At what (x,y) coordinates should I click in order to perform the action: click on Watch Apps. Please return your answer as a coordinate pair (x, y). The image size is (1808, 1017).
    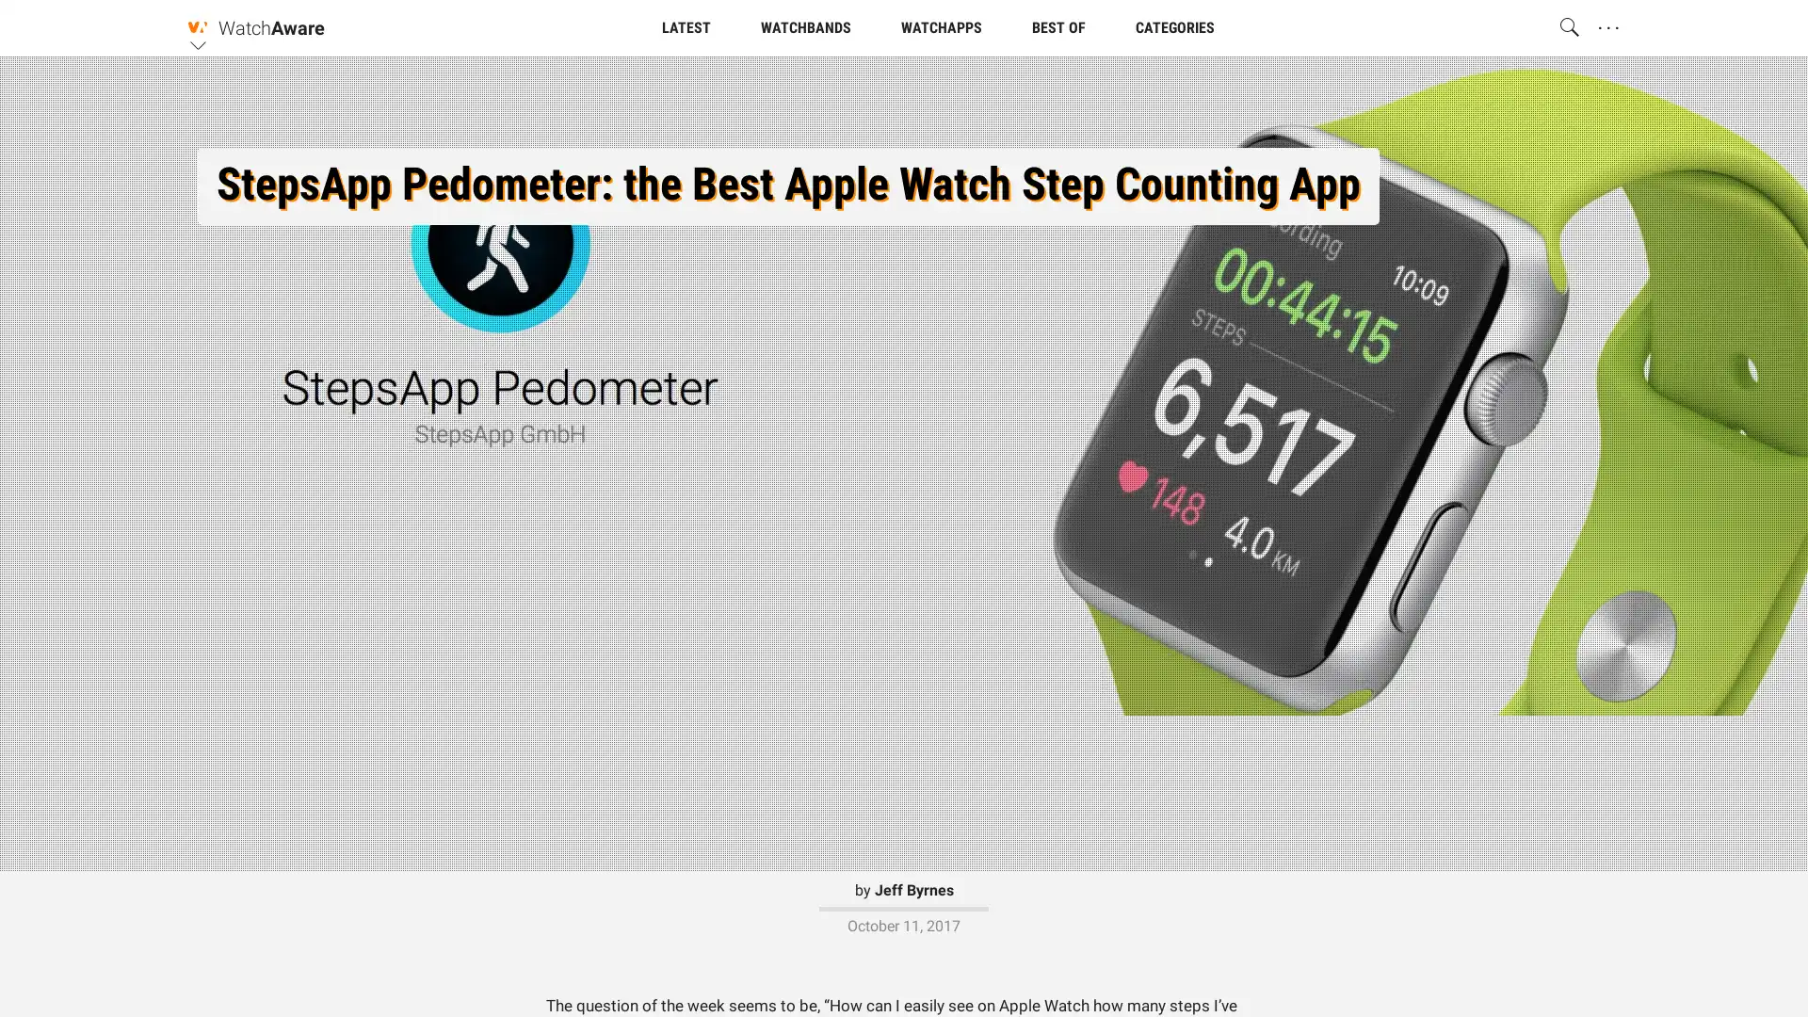
    Looking at the image, I should click on (904, 177).